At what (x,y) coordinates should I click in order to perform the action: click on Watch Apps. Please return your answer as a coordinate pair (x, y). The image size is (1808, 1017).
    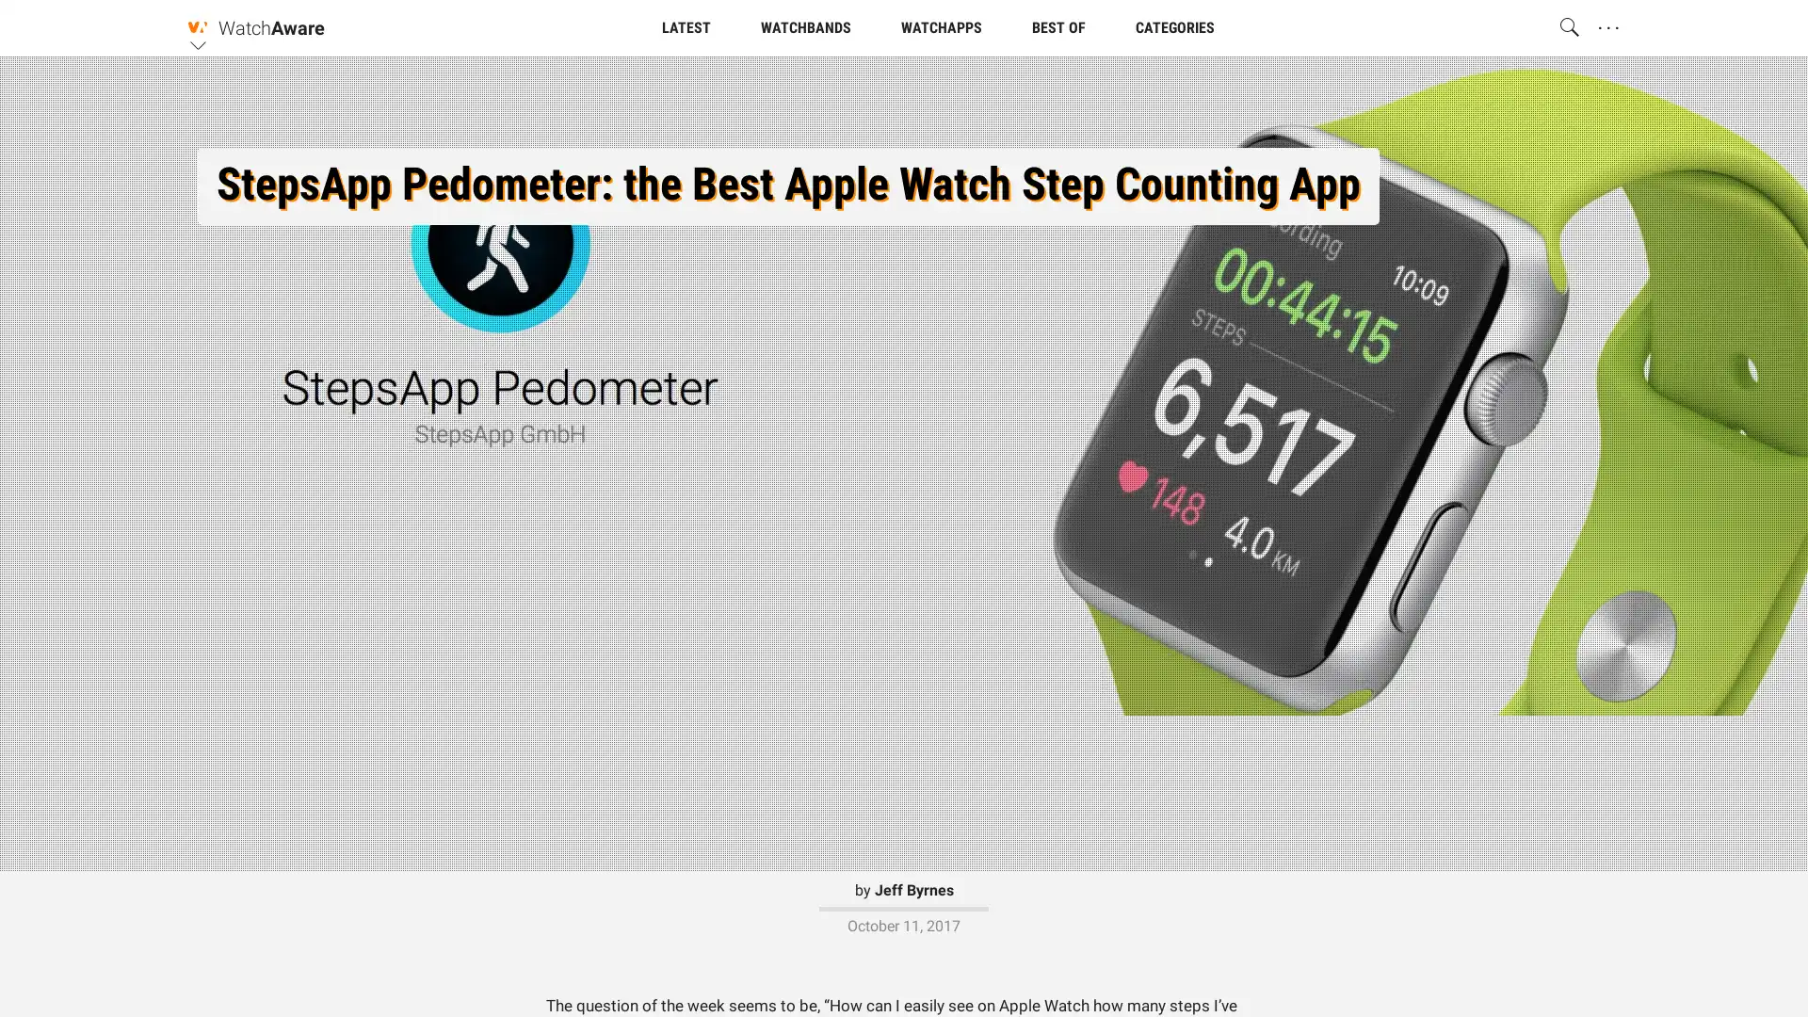
    Looking at the image, I should click on (904, 177).